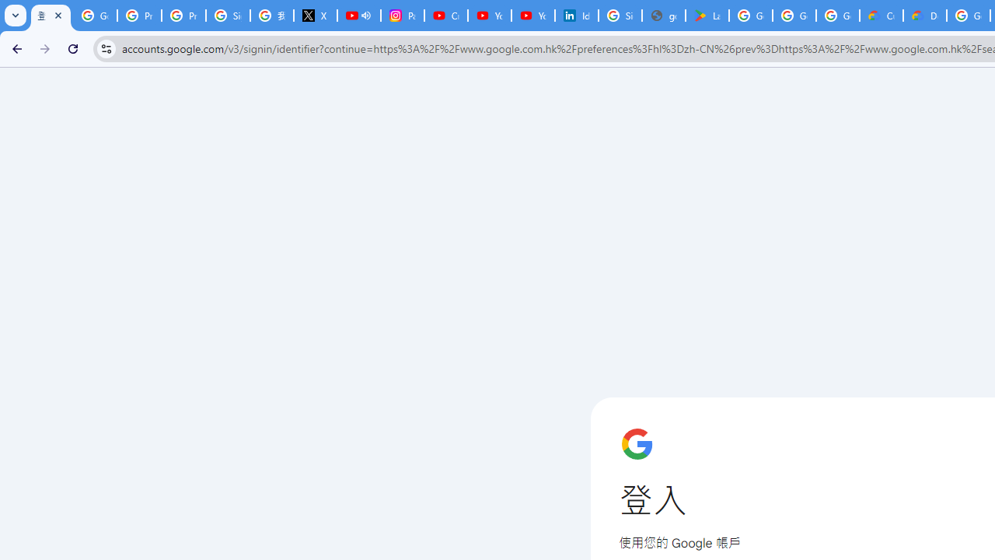 This screenshot has width=995, height=560. What do you see at coordinates (620, 16) in the screenshot?
I see `'Sign in - Google Accounts'` at bounding box center [620, 16].